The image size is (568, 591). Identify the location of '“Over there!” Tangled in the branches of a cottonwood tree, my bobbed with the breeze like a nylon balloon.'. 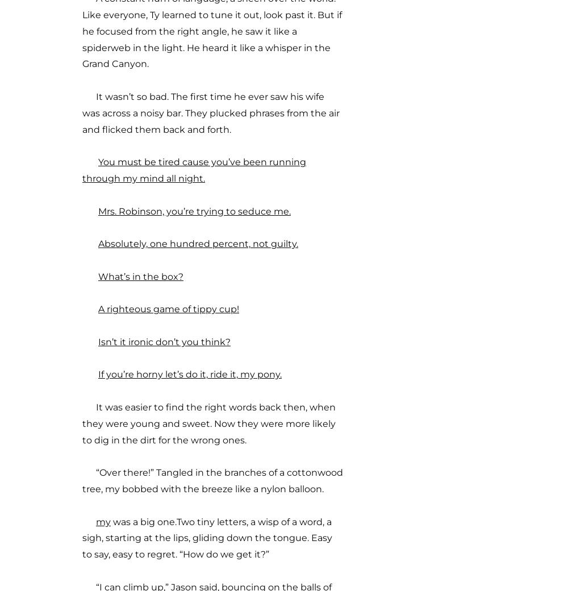
(82, 480).